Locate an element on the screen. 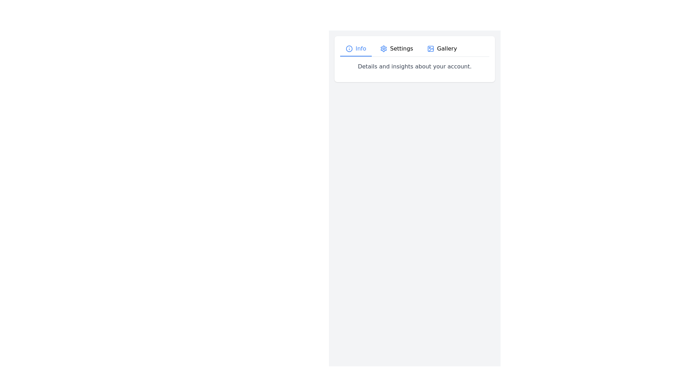 The width and height of the screenshot is (674, 379). the 'Gallery' tab in the horizontal navigation bar is located at coordinates (442, 48).